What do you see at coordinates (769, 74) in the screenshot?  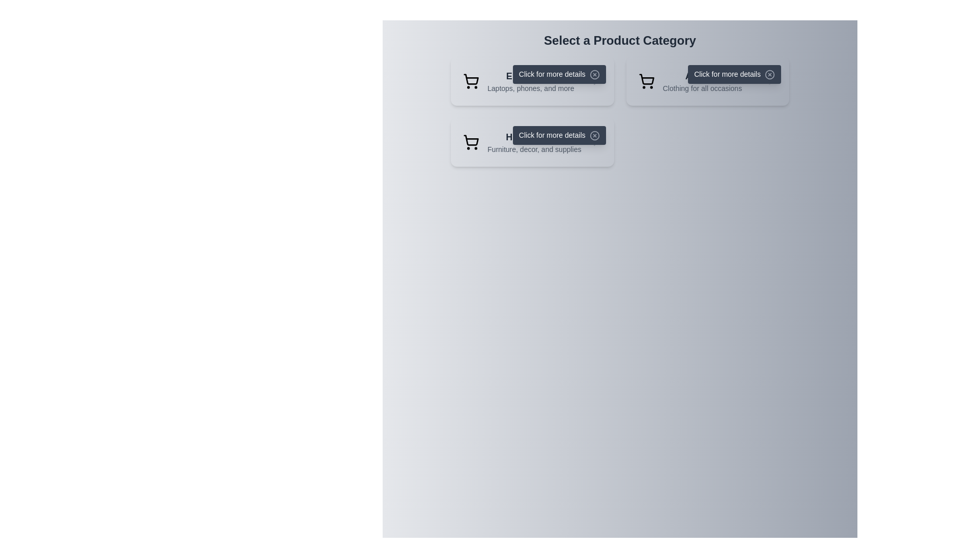 I see `the circular button with an 'X' centered inside it, located at the top-right corner of the card-like layout` at bounding box center [769, 74].